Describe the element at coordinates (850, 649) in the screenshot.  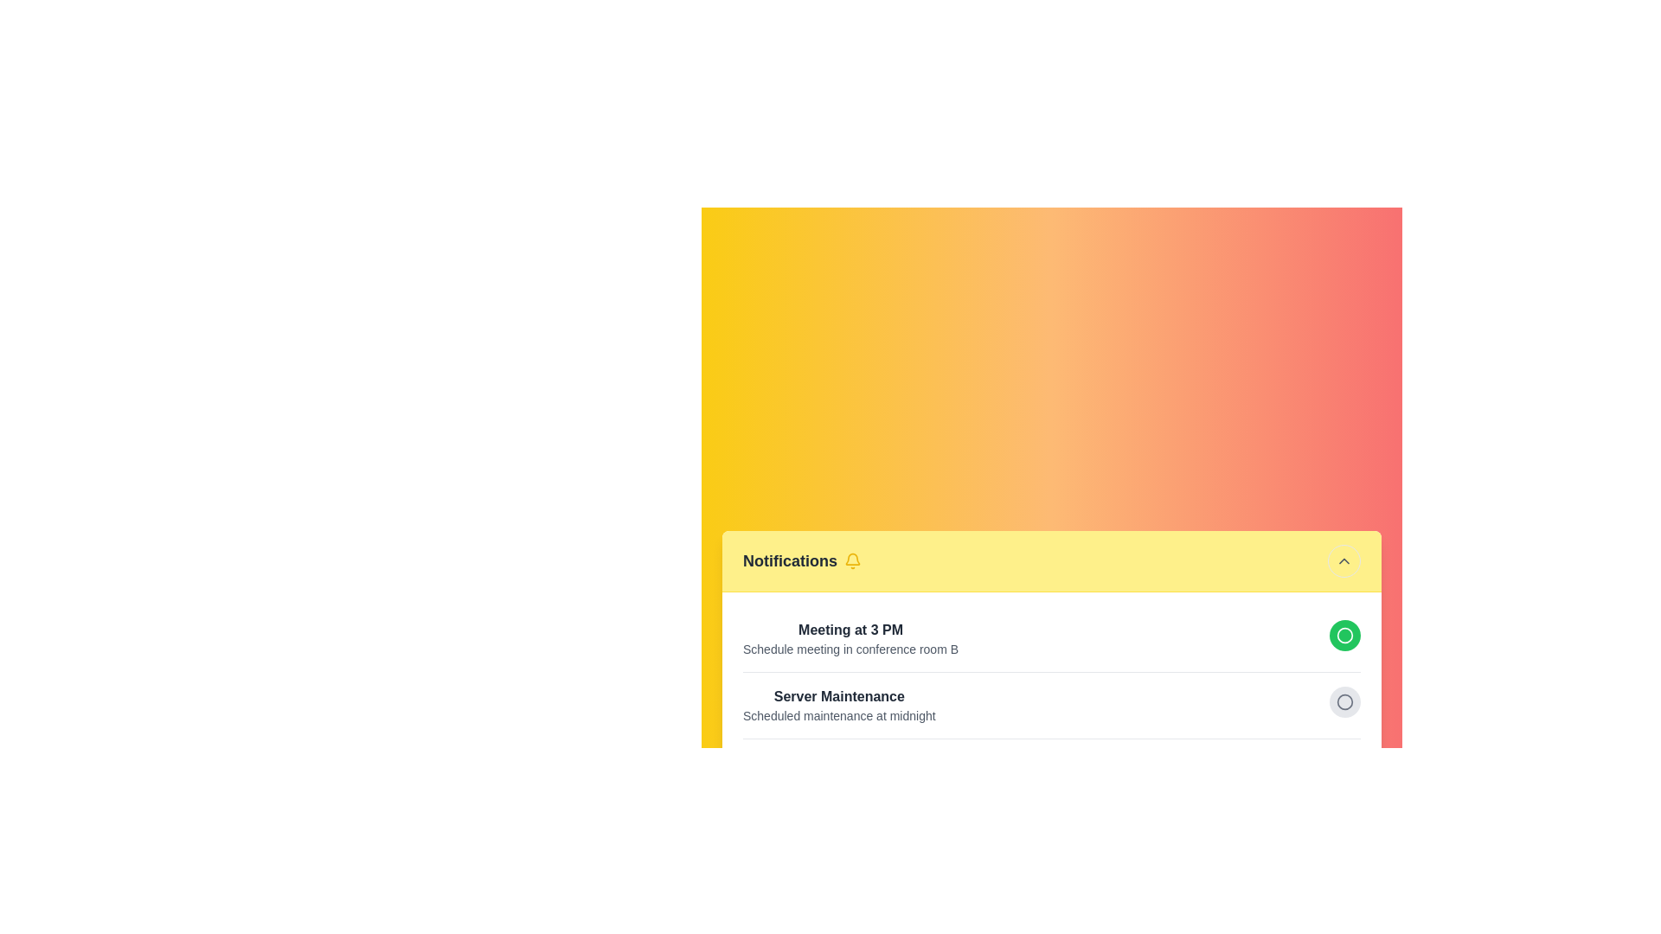
I see `the text element reading 'Schedule meeting in conference room B', which is styled with a small font size and gray color, located in the notification section beneath the header 'Meeting at 3 PM'` at that location.